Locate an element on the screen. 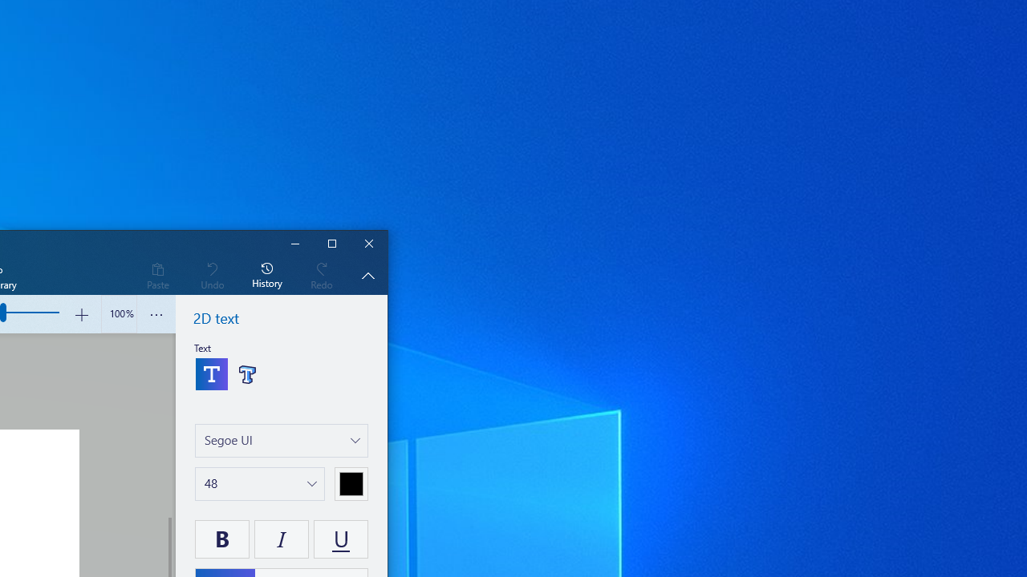  'Undo' is located at coordinates (211, 274).